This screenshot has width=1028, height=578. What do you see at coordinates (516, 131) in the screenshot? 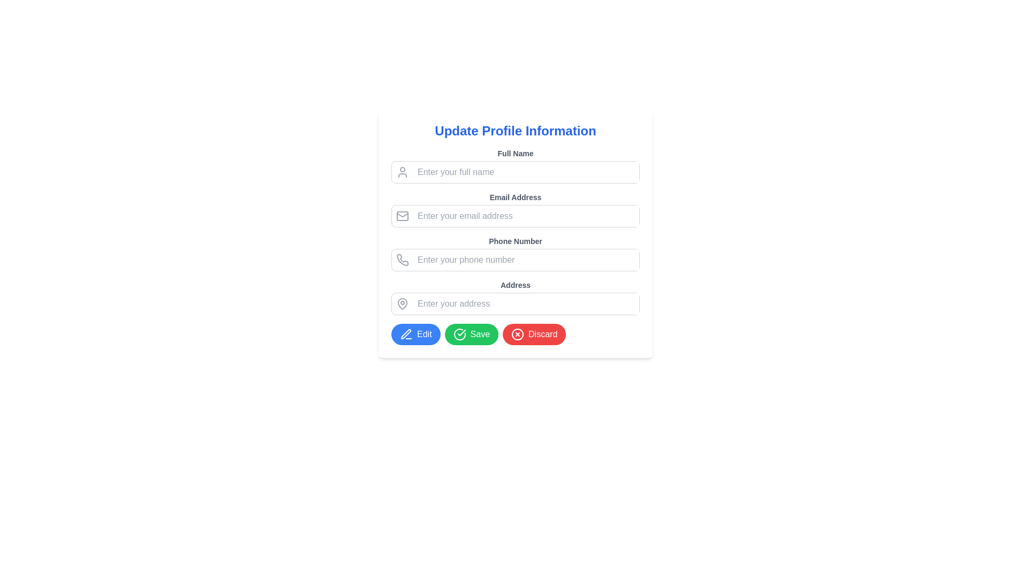
I see `the heading text displaying 'Update Profile Information' which is styled in large, bold, blue font at the top of the form section` at bounding box center [516, 131].